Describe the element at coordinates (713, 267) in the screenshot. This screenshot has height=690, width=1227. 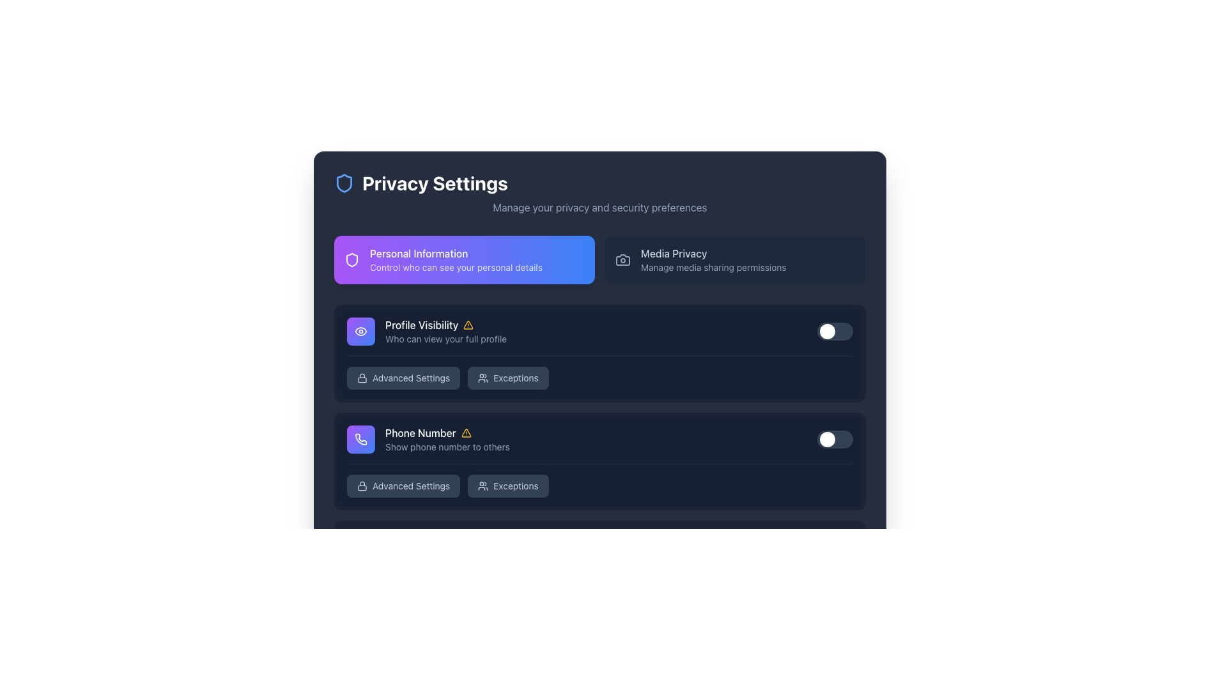
I see `the text label reading 'Manage media sharing permissions' which is styled in a small, light gray font and positioned below the 'Media Privacy' label in the privacy settings panel` at that location.